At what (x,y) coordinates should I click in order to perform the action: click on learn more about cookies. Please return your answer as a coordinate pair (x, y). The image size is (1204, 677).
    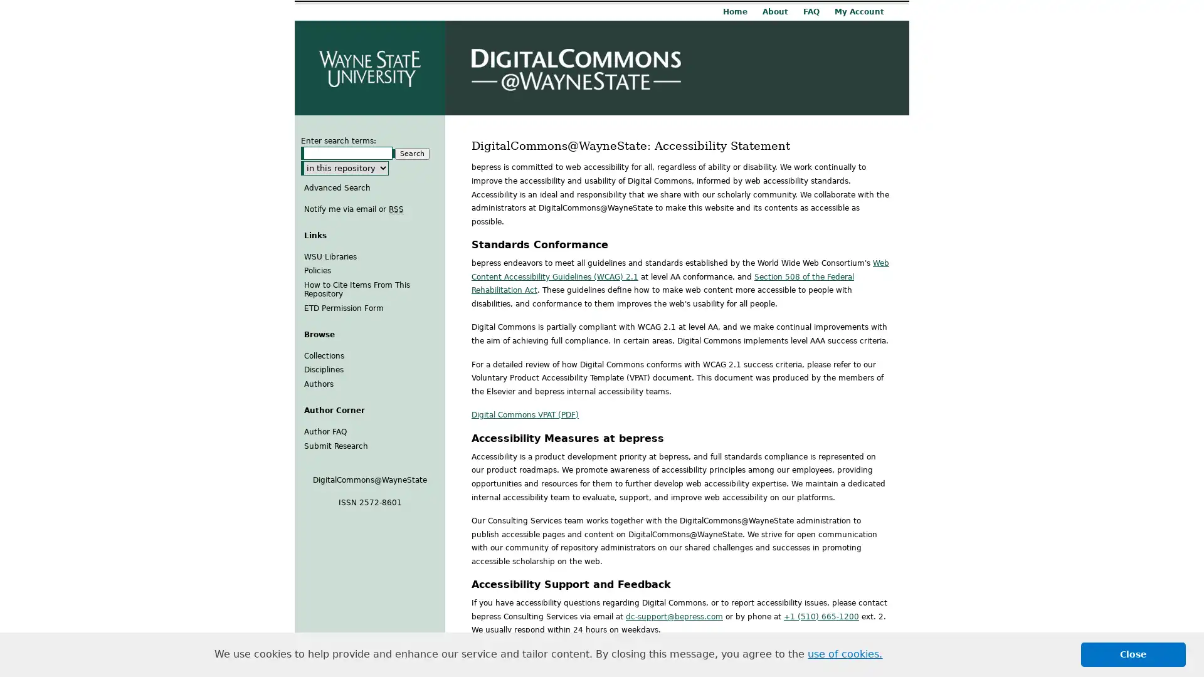
    Looking at the image, I should click on (845, 654).